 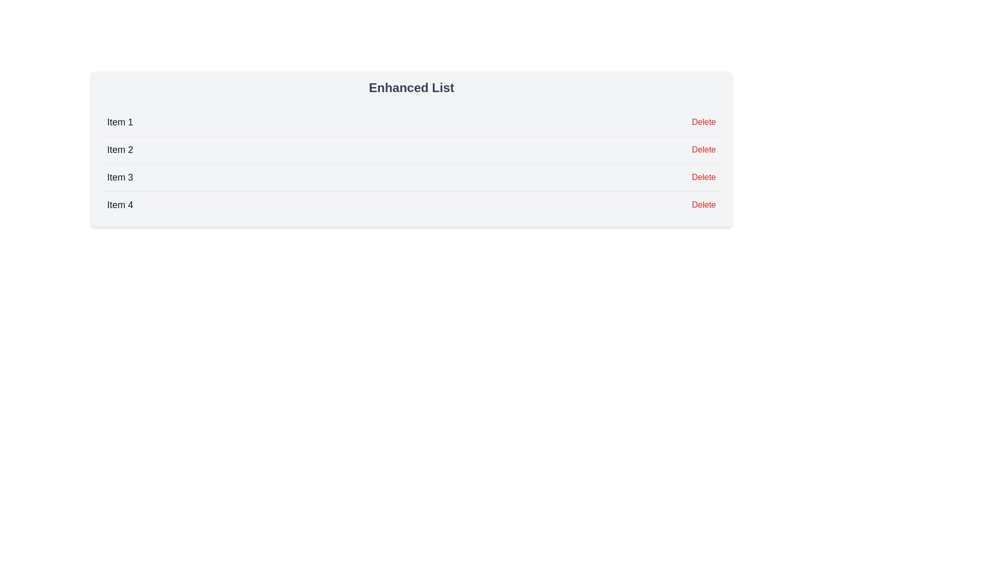 What do you see at coordinates (120, 122) in the screenshot?
I see `the informational Text Label that displays the name of the list item, located to the left of the 'Delete' button` at bounding box center [120, 122].